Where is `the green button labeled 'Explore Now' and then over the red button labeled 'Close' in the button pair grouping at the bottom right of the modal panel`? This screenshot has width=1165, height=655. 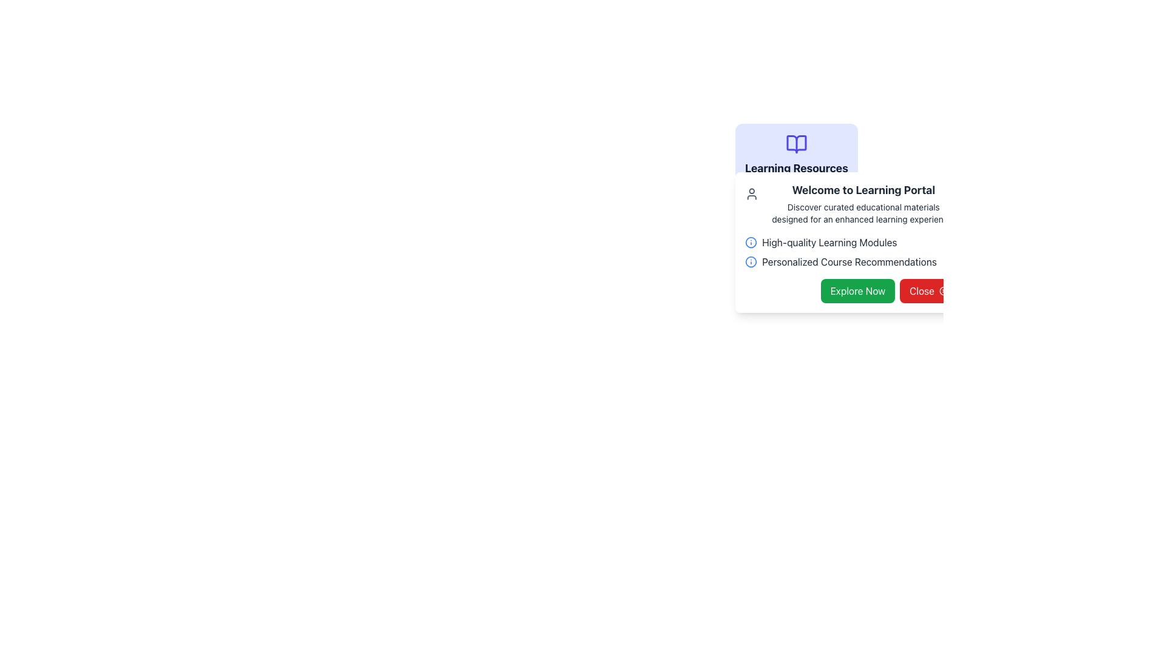
the green button labeled 'Explore Now' and then over the red button labeled 'Close' in the button pair grouping at the bottom right of the modal panel is located at coordinates (851, 291).